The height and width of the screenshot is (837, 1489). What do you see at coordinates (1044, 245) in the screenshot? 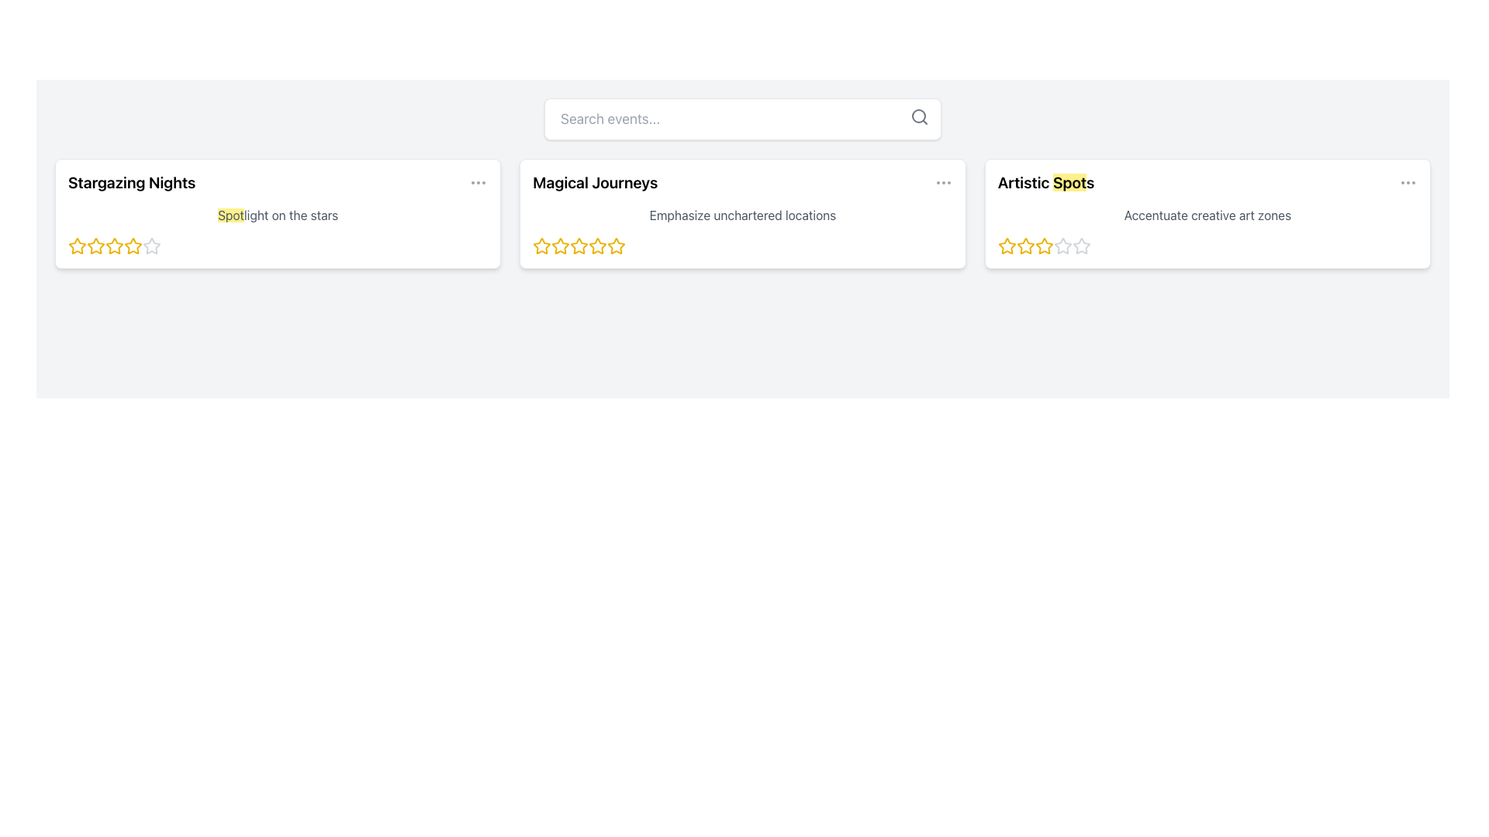
I see `the fourth star icon` at bounding box center [1044, 245].